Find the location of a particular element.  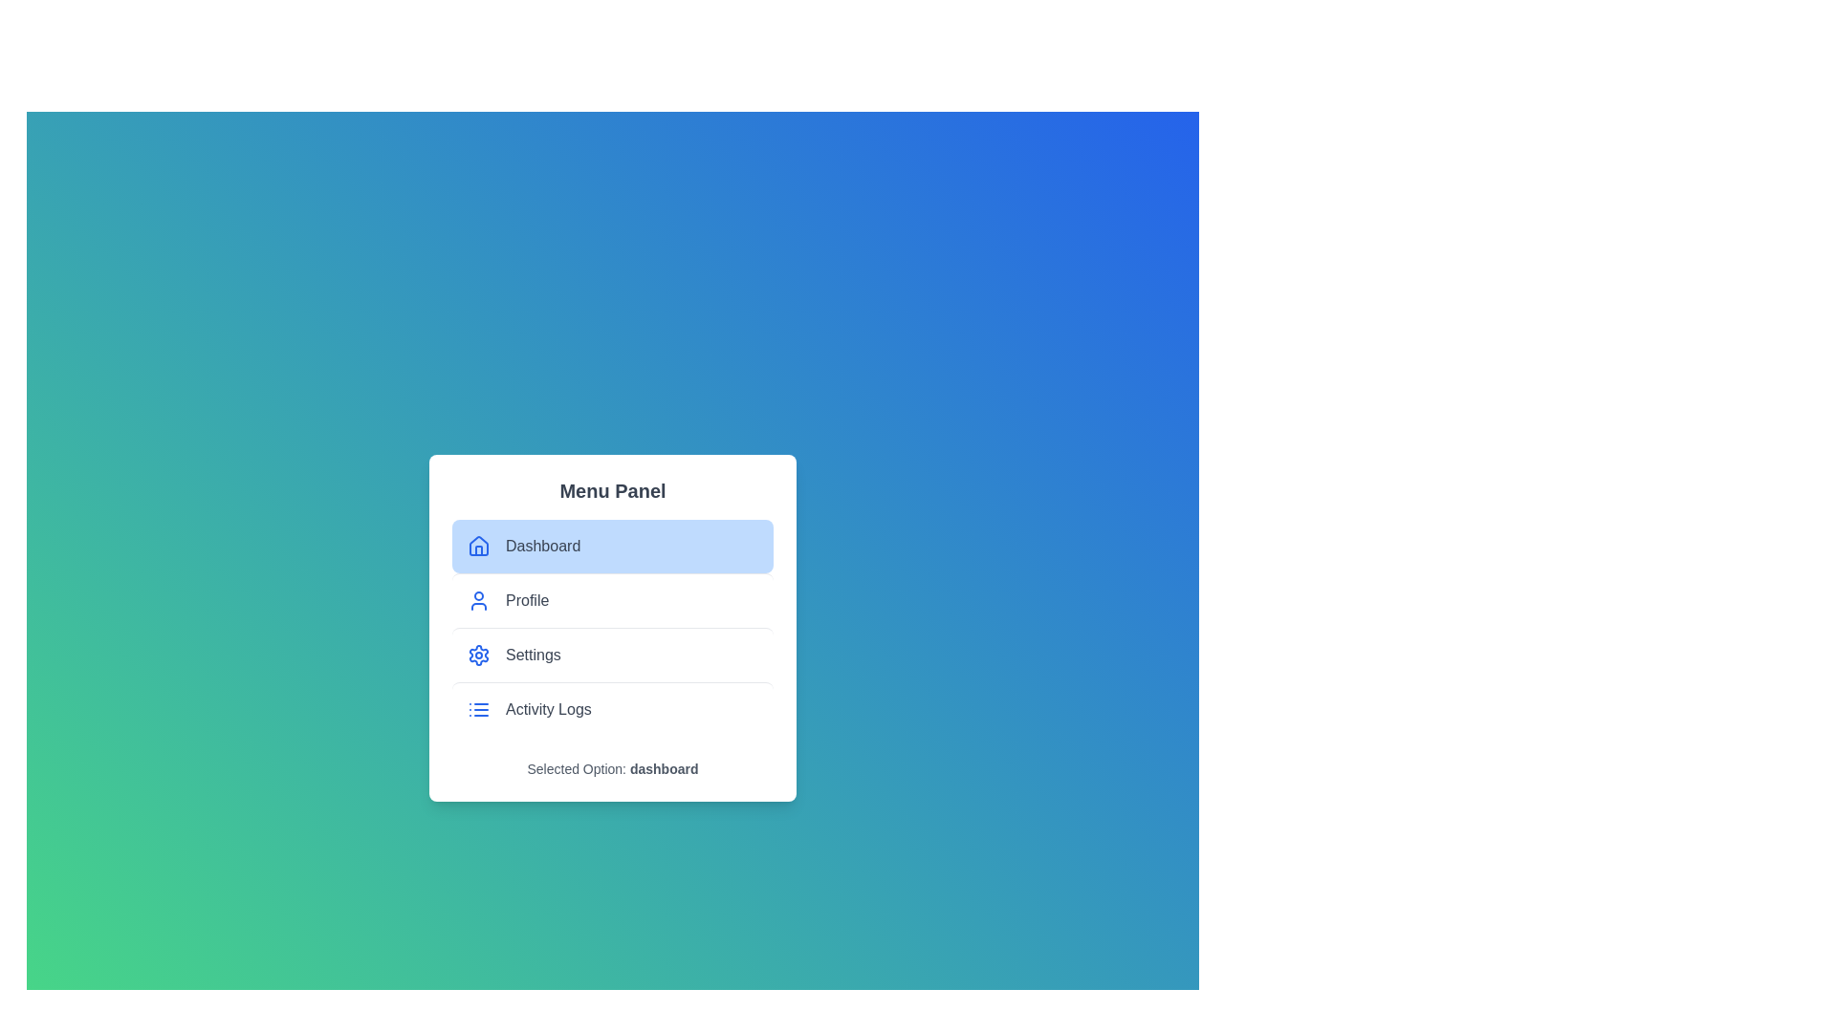

the menu option profile by clicking on its entry is located at coordinates (613, 599).